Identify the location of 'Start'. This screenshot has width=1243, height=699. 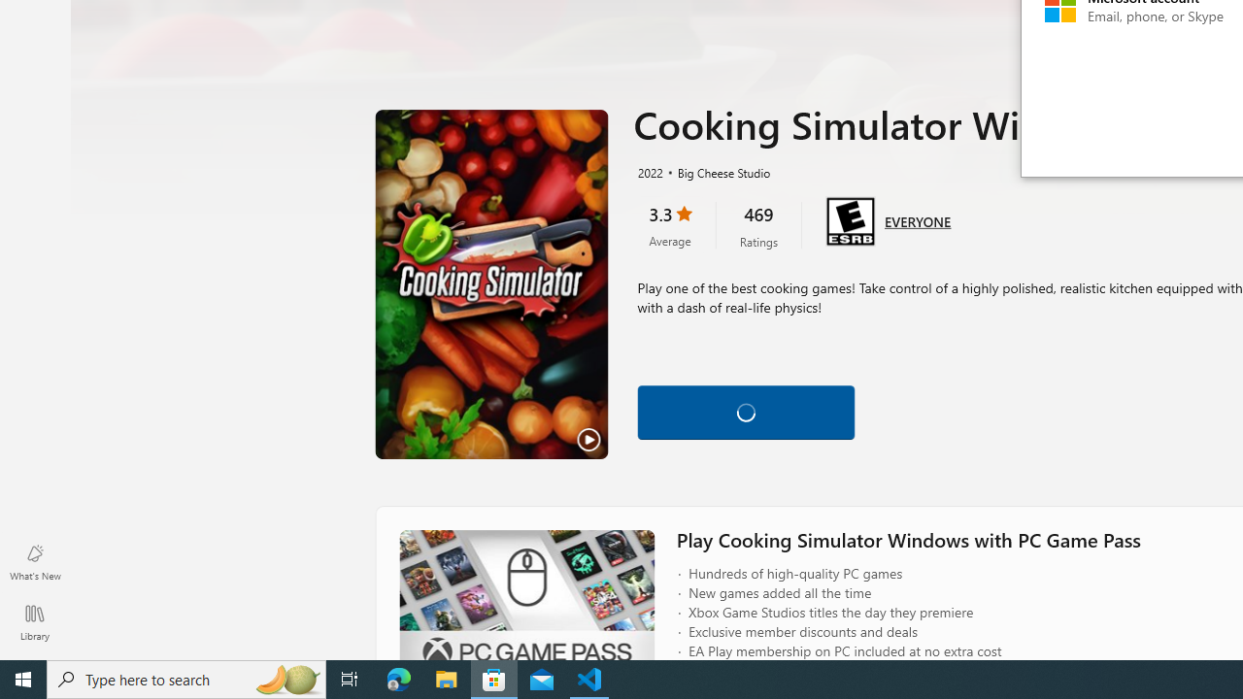
(23, 678).